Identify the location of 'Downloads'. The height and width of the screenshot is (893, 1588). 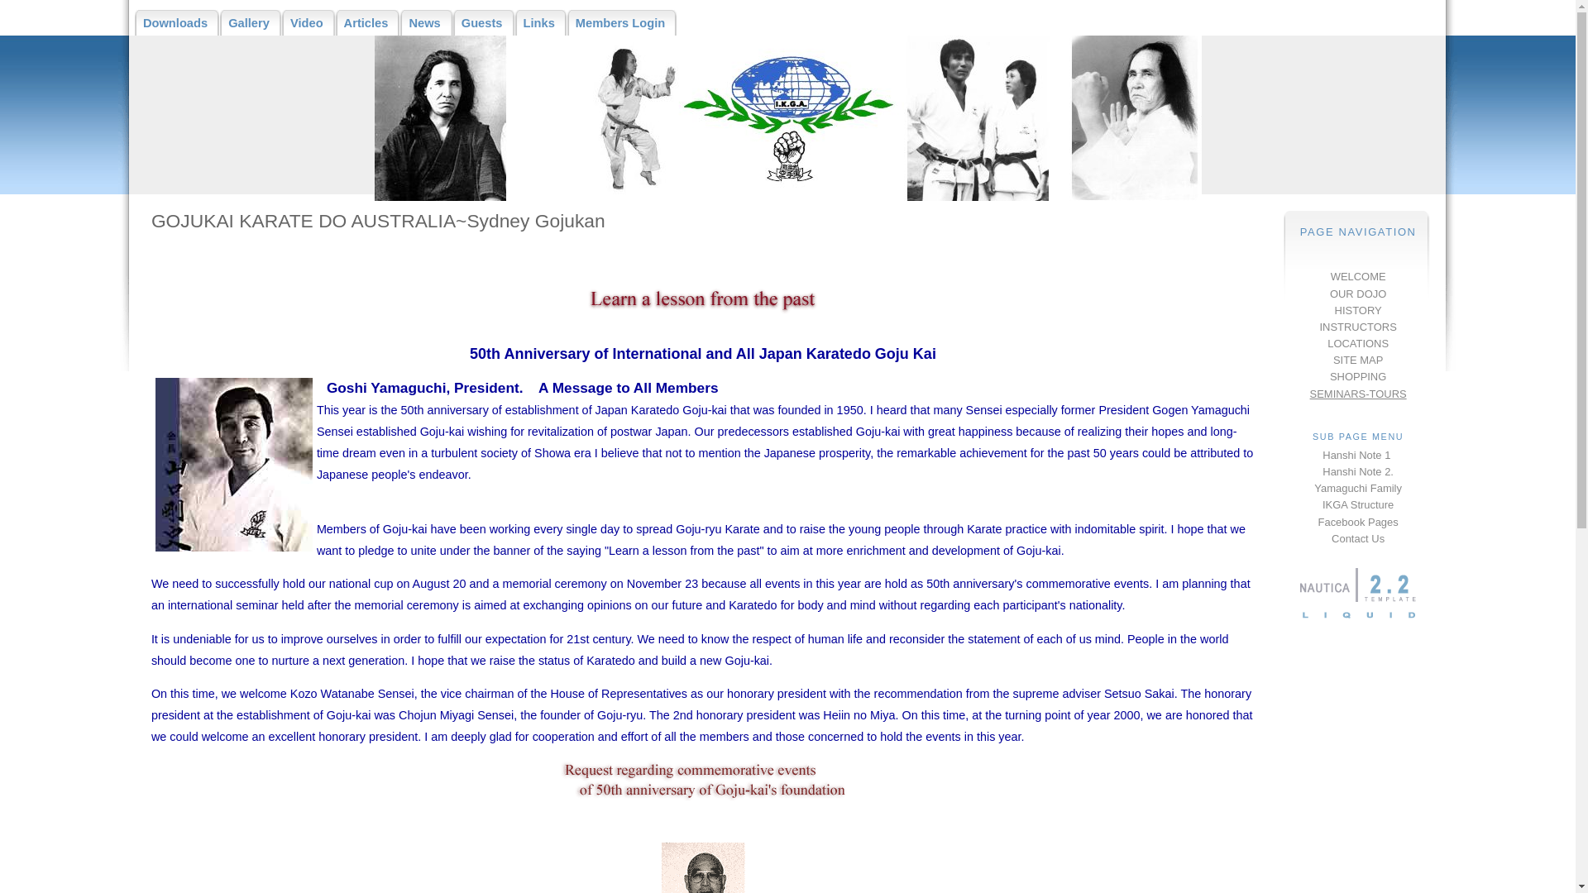
(177, 22).